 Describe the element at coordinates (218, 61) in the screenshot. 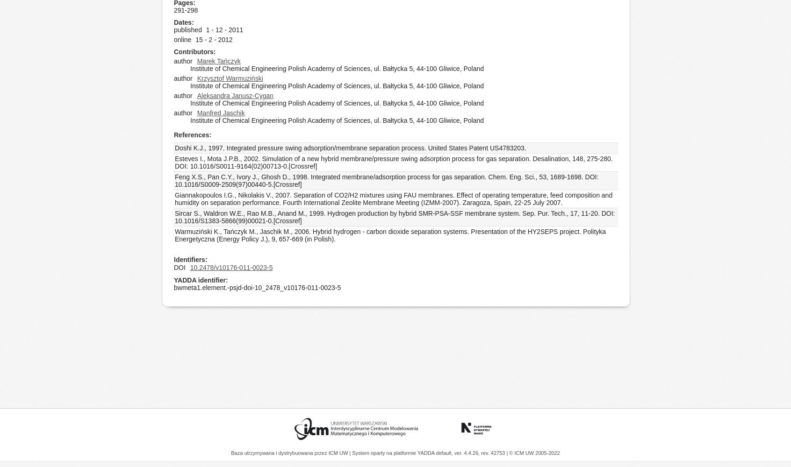

I see `'Marek Tańczyk'` at that location.